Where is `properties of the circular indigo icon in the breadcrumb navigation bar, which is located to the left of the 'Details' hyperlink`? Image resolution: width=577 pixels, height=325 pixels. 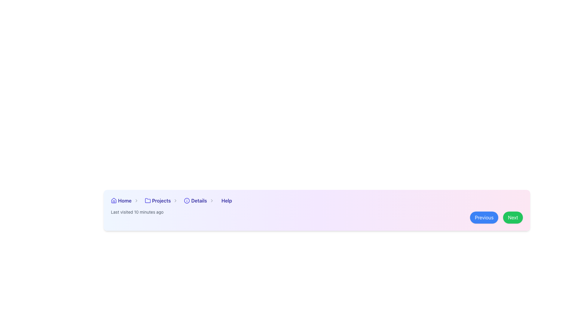 properties of the circular indigo icon in the breadcrumb navigation bar, which is located to the left of the 'Details' hyperlink is located at coordinates (187, 201).